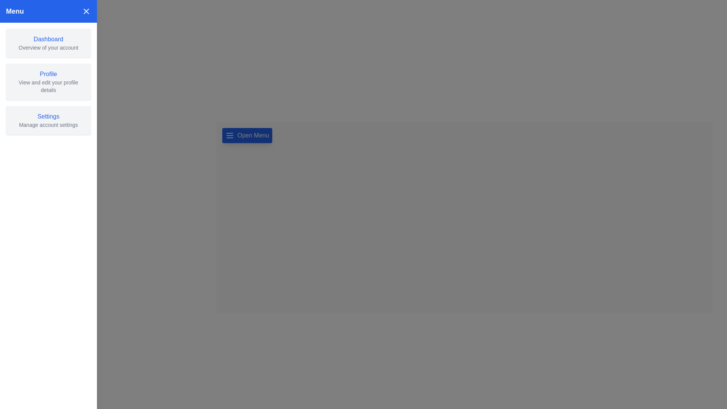 The width and height of the screenshot is (727, 409). I want to click on the 'Dashboard' text label displayed in a medium-sized blue font within the light grey section of the vertical menu on the left side of the interface, so click(48, 39).